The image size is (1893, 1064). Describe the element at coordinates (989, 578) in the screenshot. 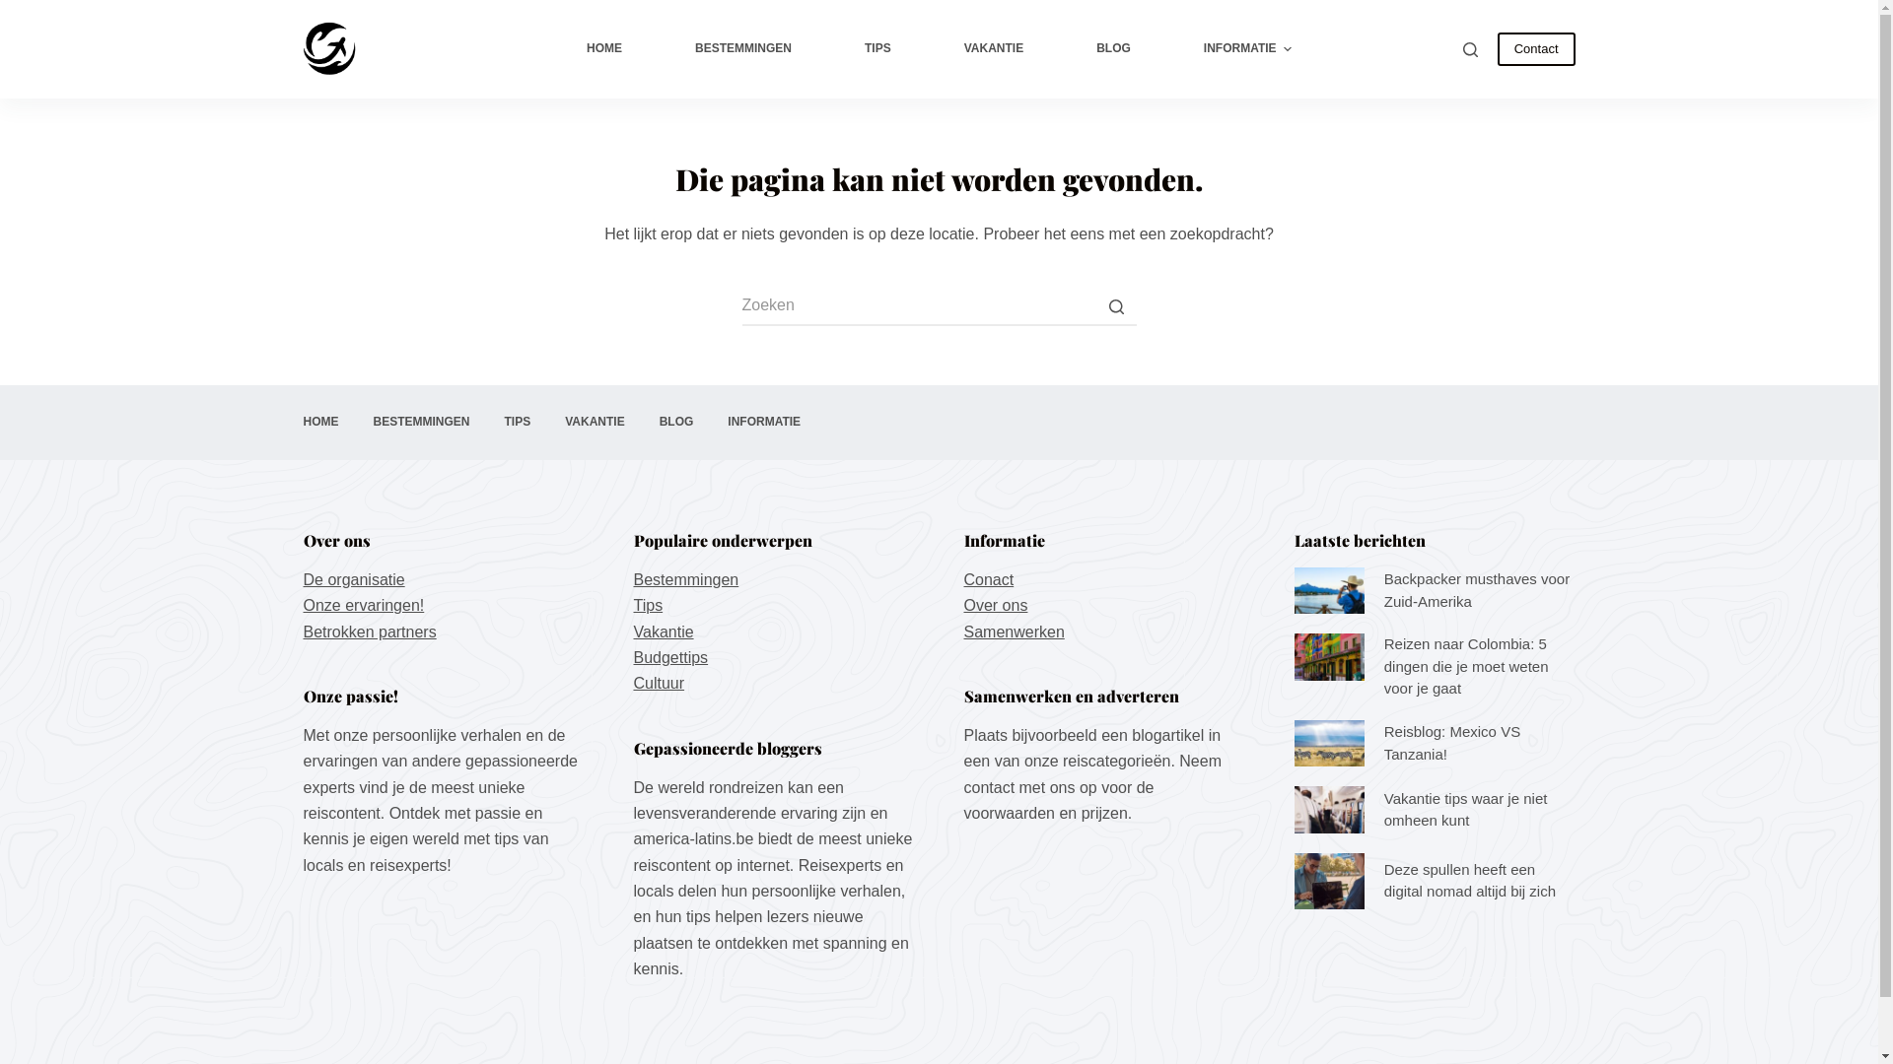

I see `'Conact'` at that location.